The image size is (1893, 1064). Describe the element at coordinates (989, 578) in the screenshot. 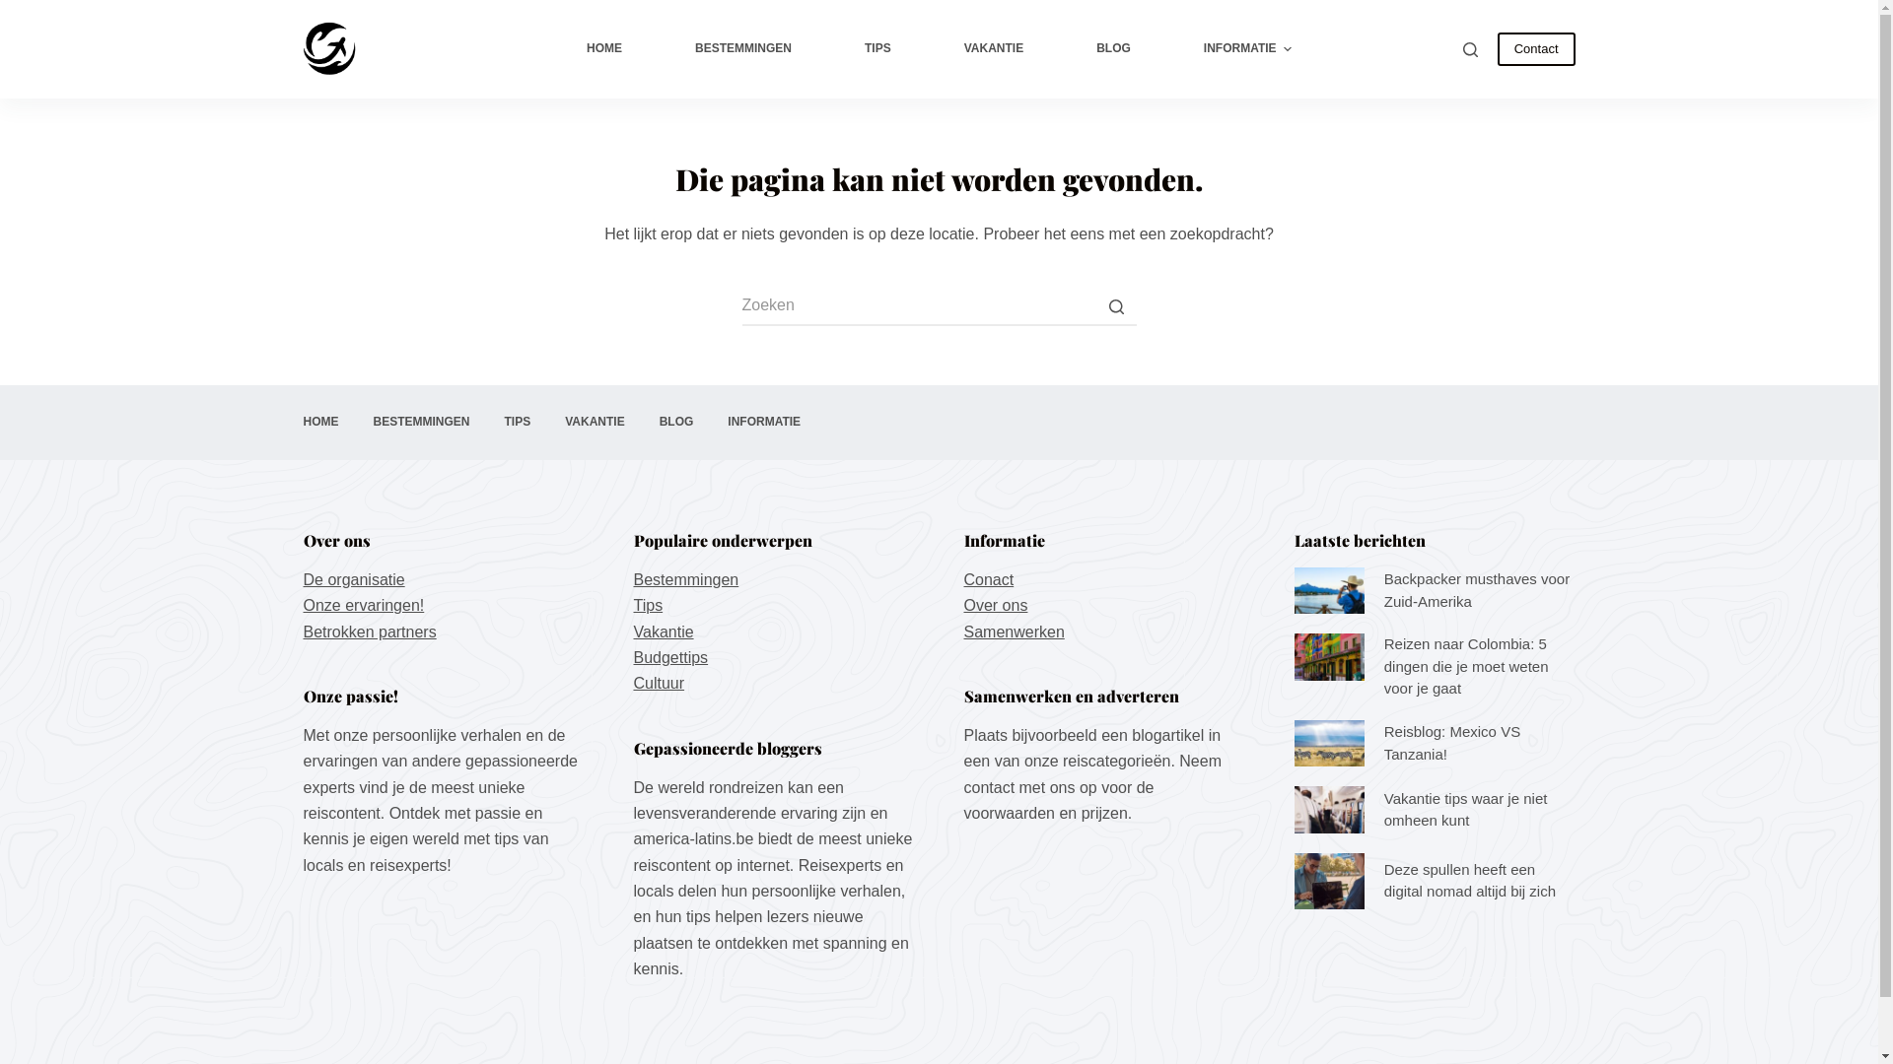

I see `'Conact'` at that location.